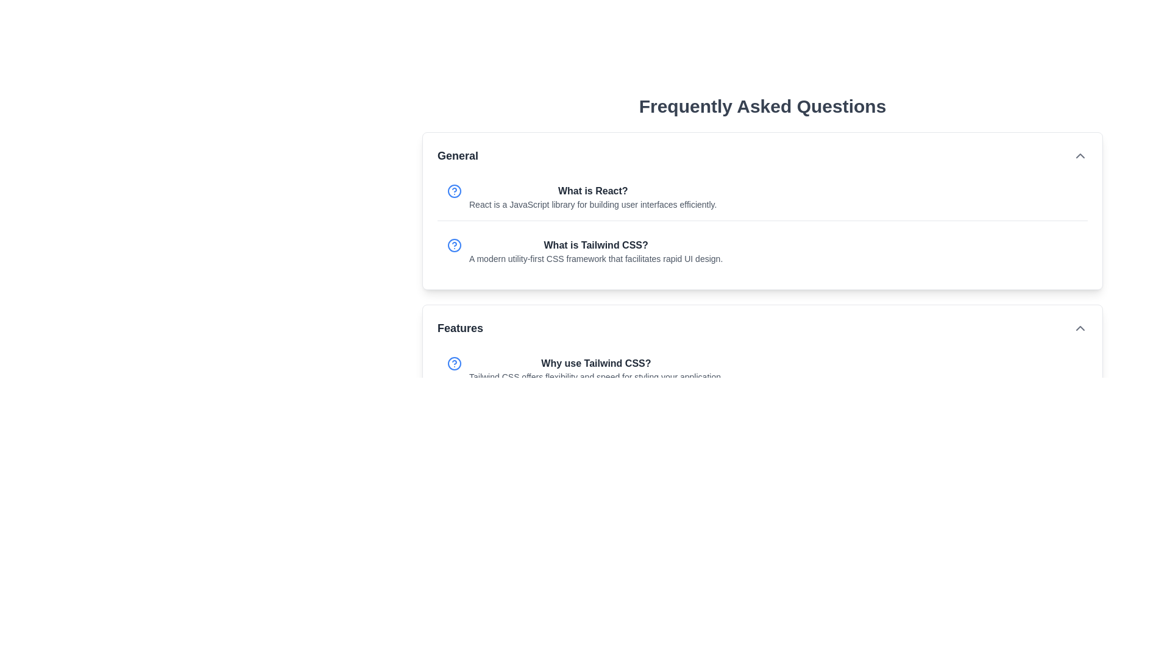  I want to click on the upward-facing chevron icon button located at the far-right edge of the 'Features' section header, so click(1080, 328).